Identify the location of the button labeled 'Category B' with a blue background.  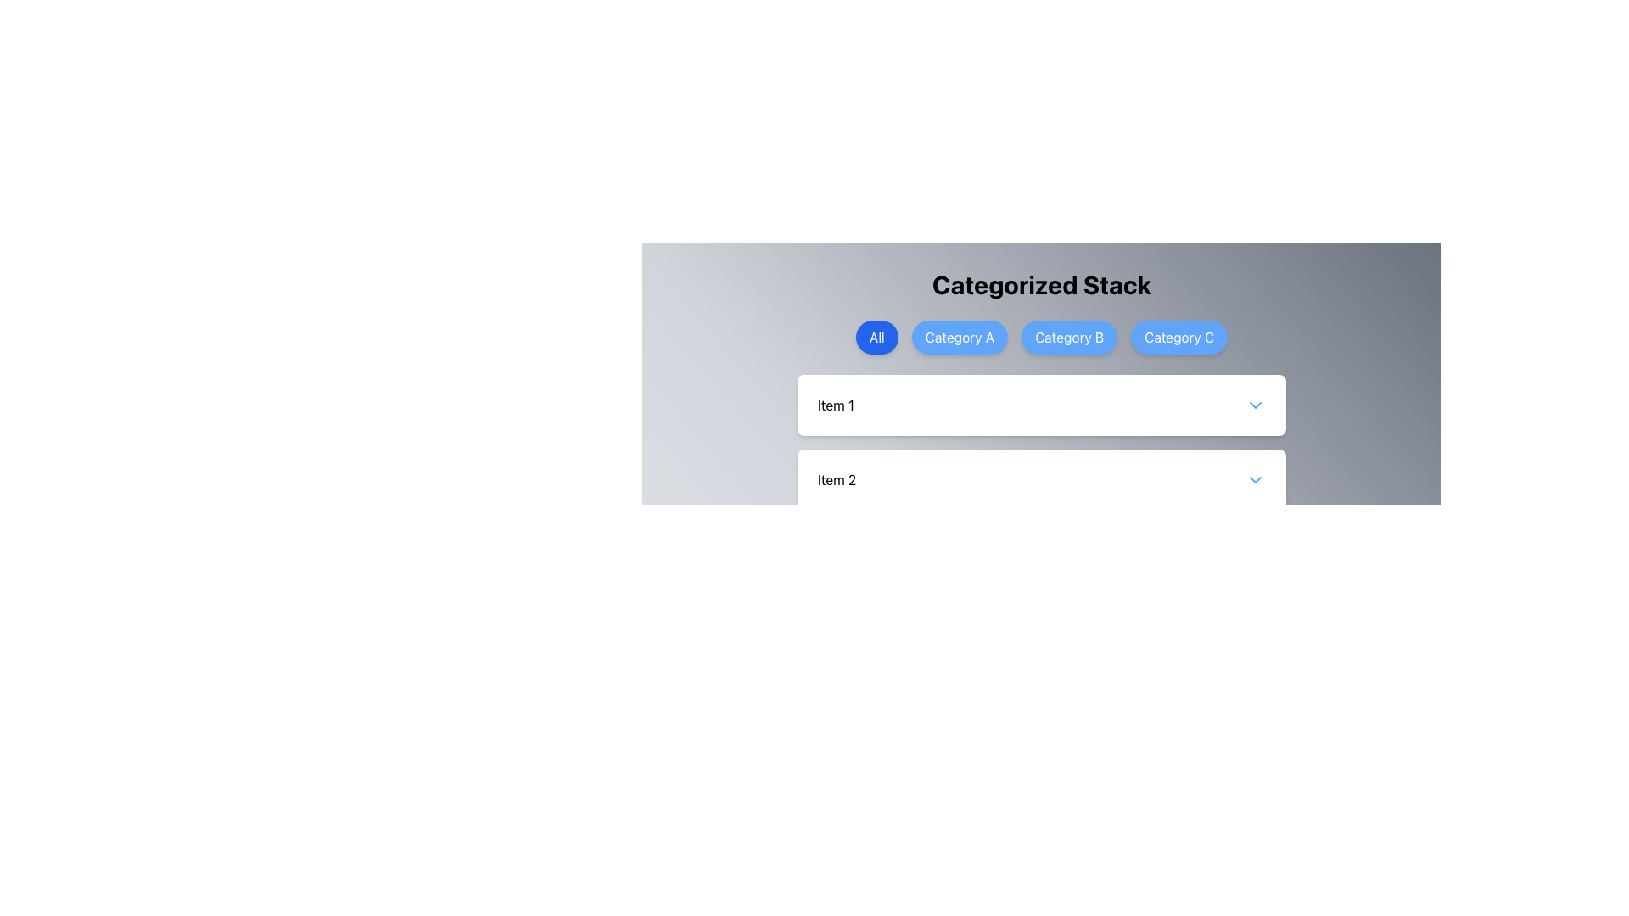
(1068, 337).